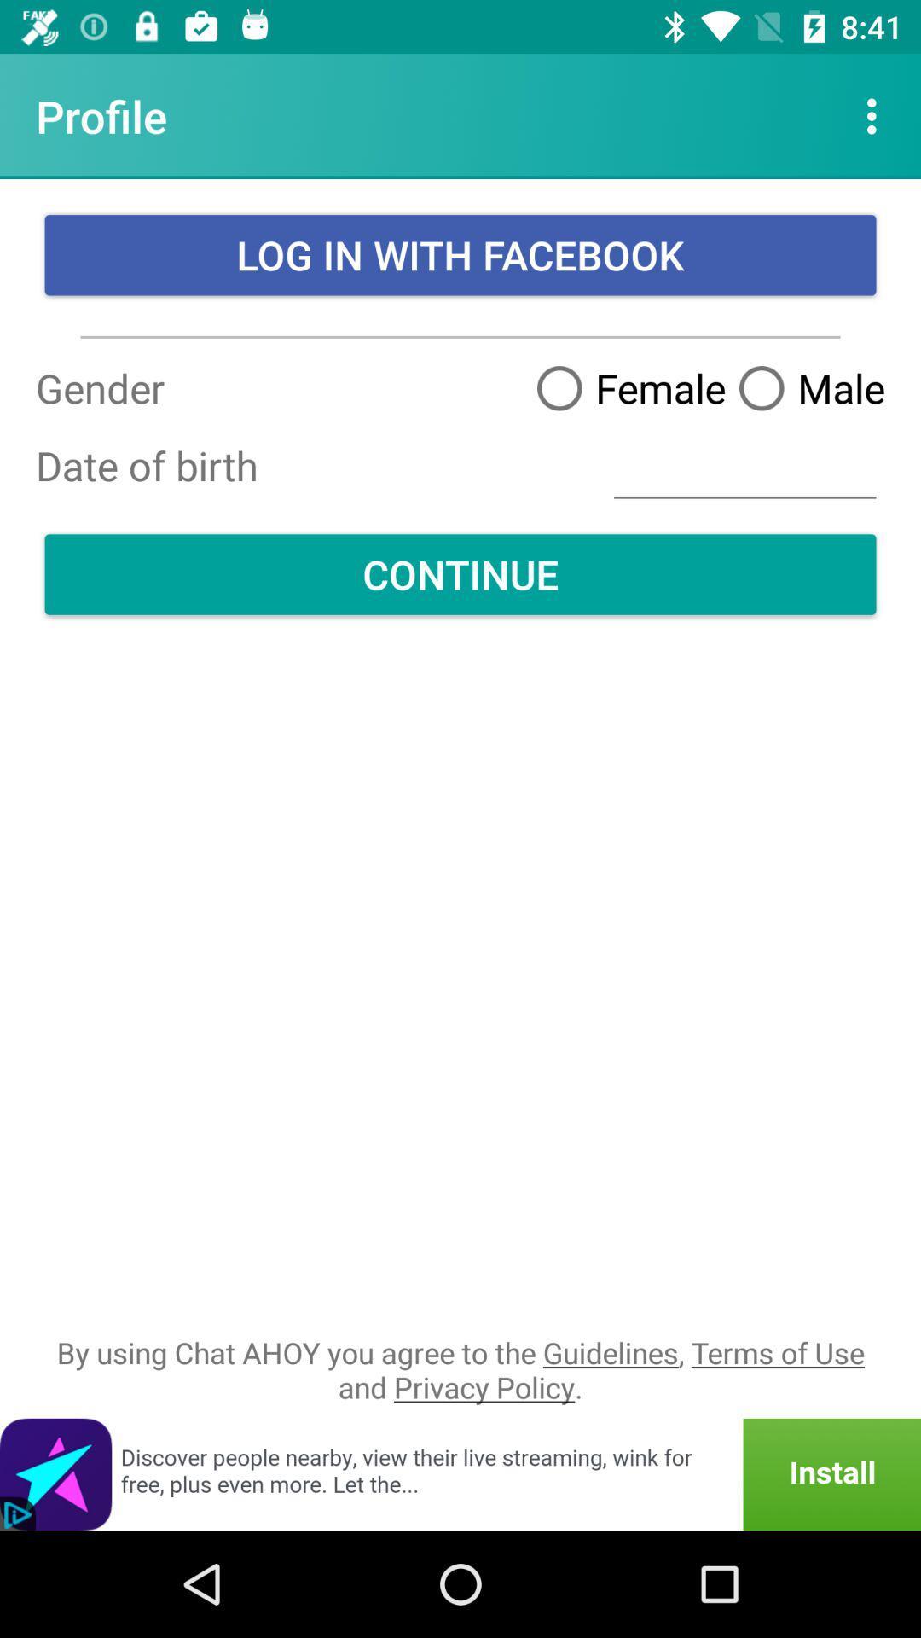  What do you see at coordinates (624, 386) in the screenshot?
I see `the item to the left of male item` at bounding box center [624, 386].